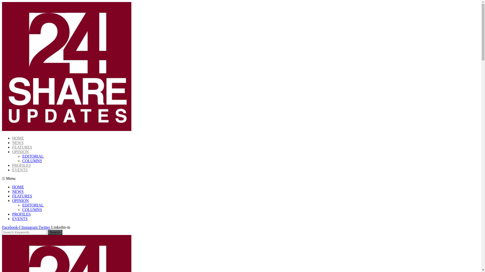 The width and height of the screenshot is (485, 272). What do you see at coordinates (20, 218) in the screenshot?
I see `'EVENTS'` at bounding box center [20, 218].